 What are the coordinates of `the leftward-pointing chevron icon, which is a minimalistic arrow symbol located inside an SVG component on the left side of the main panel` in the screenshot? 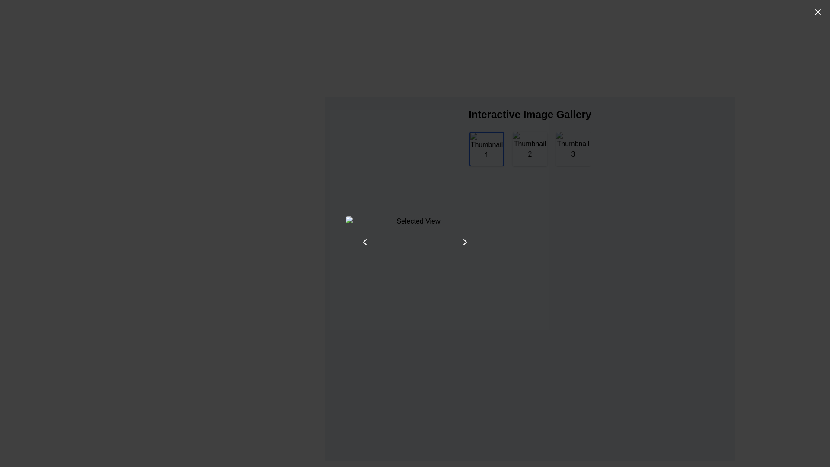 It's located at (365, 242).